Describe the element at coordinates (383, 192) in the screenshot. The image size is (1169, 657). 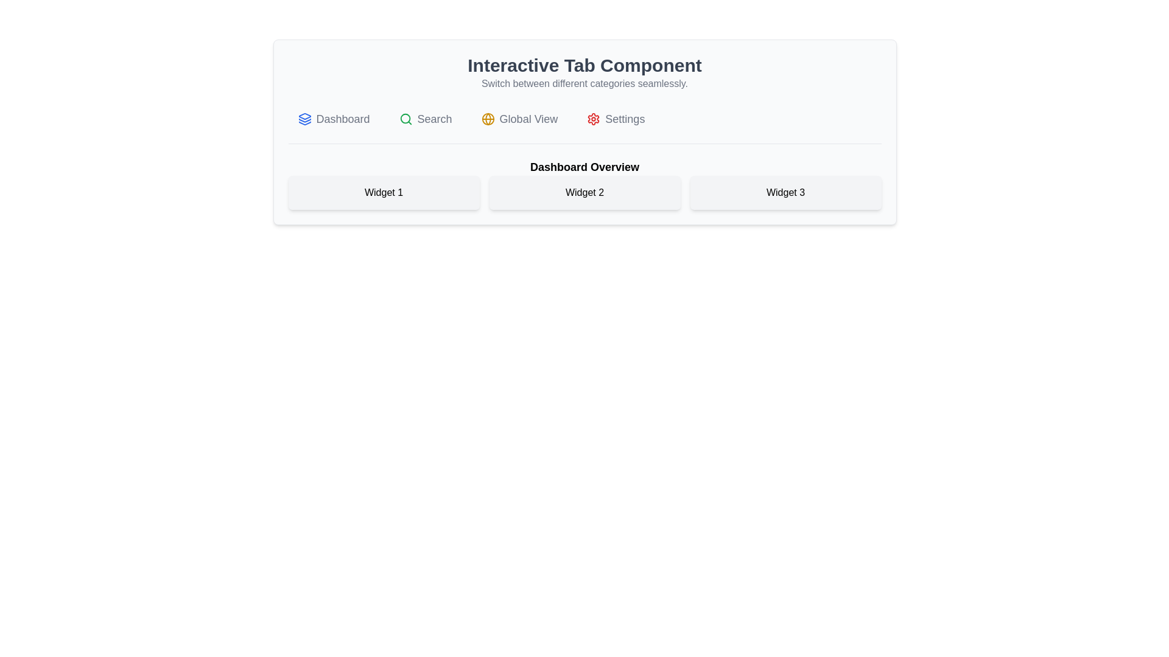
I see `the first informational card in the group of three widgets below the 'Dashboard Overview' section to interact with it` at that location.